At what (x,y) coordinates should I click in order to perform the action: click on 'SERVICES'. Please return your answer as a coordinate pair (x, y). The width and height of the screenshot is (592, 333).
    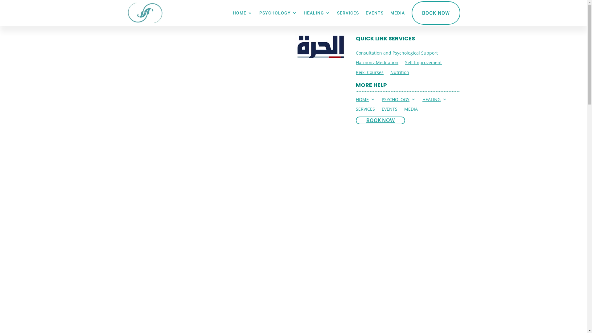
    Looking at the image, I should click on (347, 13).